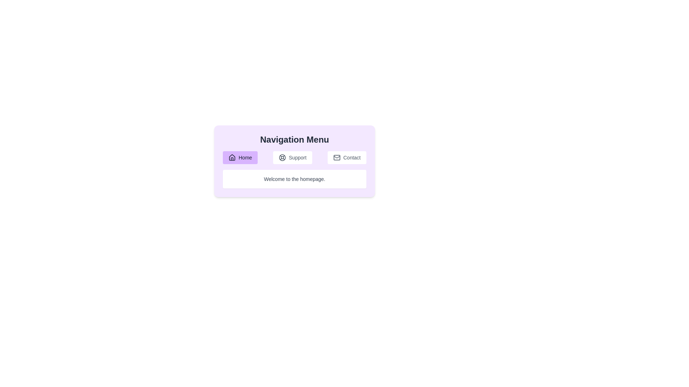  Describe the element at coordinates (292, 157) in the screenshot. I see `the 'Support' navigation button, which features a life-ring icon and is styled with a light color scheme` at that location.